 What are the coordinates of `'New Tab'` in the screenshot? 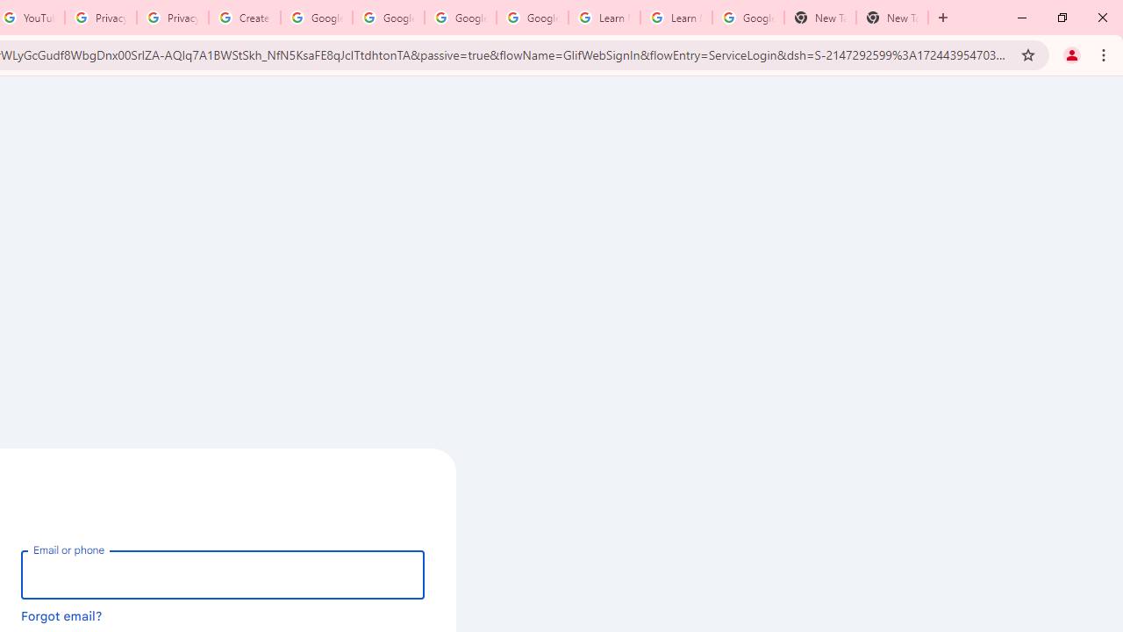 It's located at (819, 18).